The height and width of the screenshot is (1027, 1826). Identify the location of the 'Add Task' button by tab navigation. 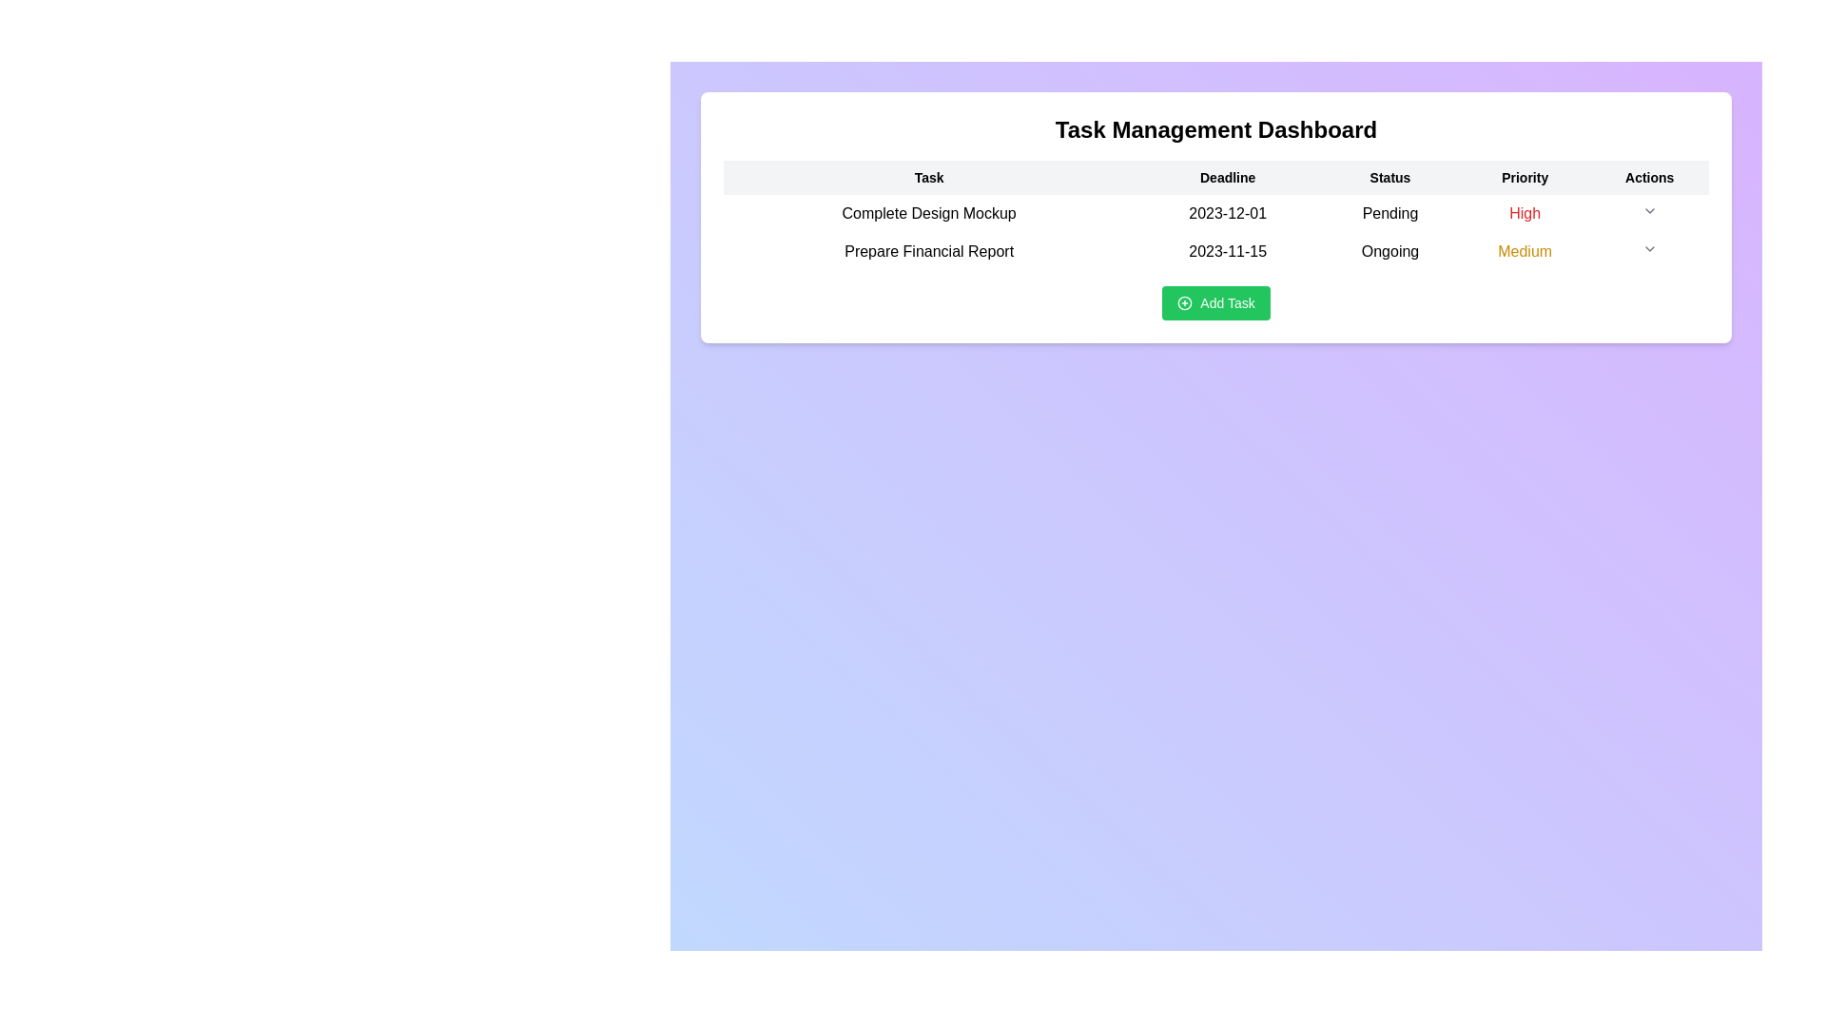
(1184, 302).